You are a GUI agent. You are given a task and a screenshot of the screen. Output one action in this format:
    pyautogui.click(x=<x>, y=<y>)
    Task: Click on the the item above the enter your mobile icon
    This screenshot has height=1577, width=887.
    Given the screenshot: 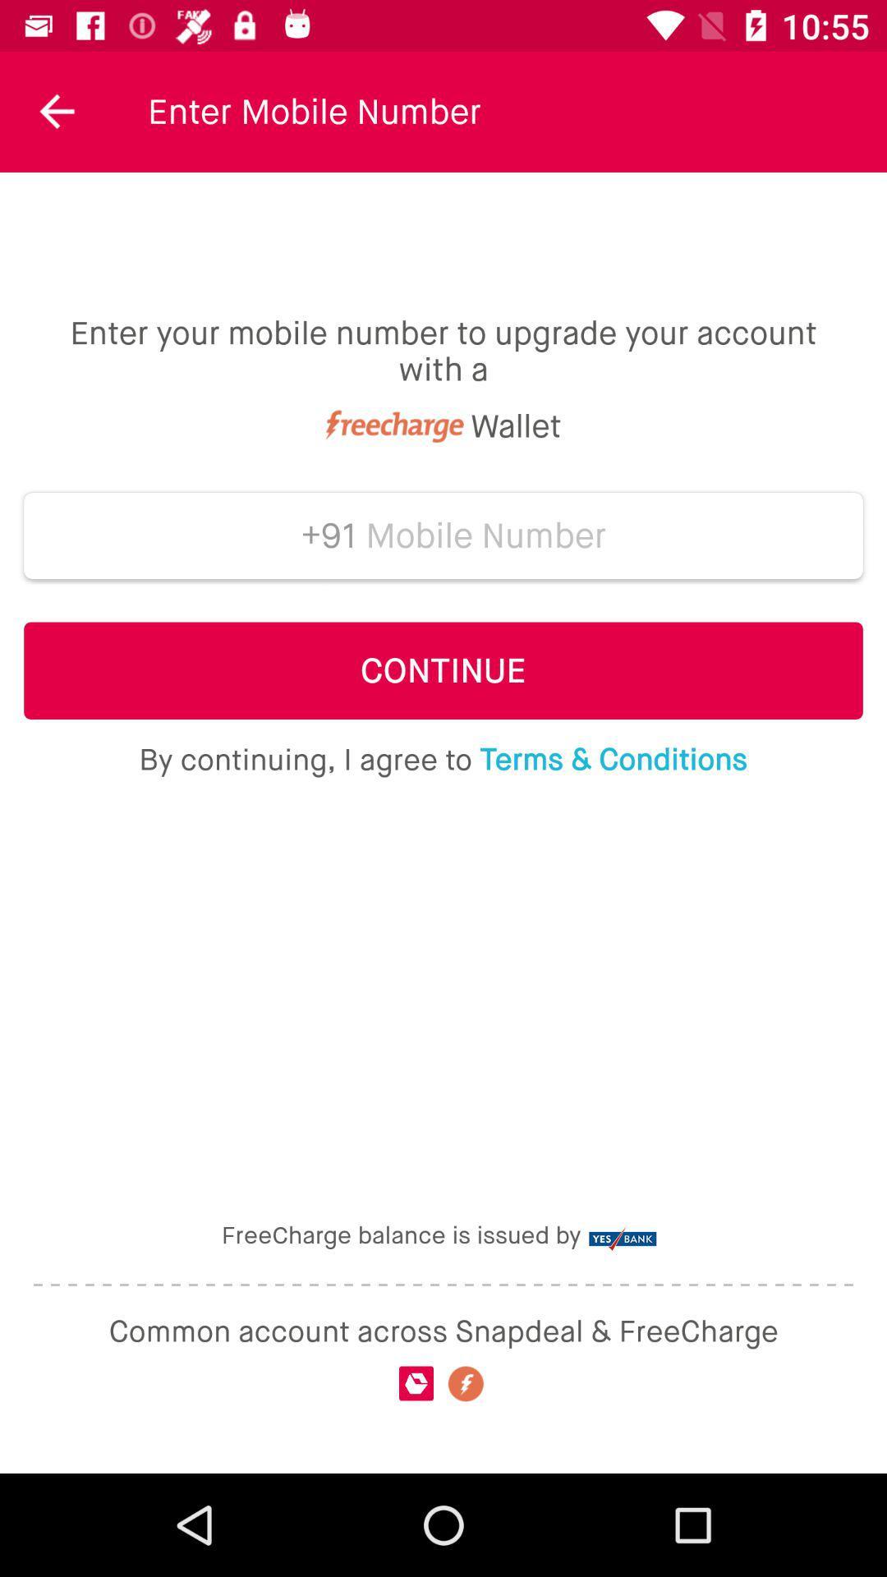 What is the action you would take?
    pyautogui.click(x=57, y=111)
    